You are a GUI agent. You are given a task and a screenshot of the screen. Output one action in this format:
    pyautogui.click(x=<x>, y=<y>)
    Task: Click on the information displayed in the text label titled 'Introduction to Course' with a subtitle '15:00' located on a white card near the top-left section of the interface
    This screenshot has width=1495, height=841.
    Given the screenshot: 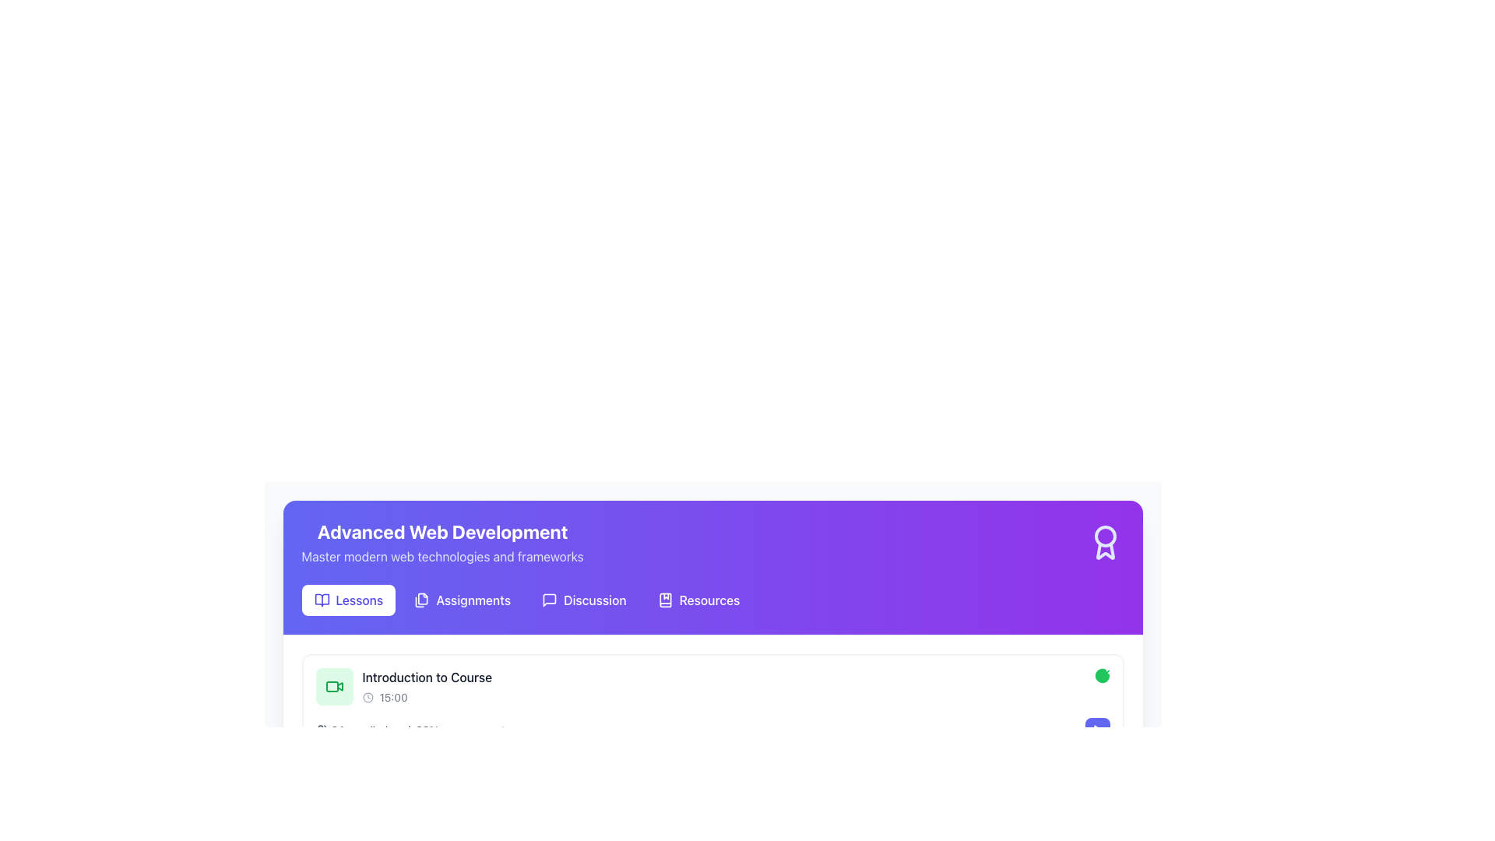 What is the action you would take?
    pyautogui.click(x=427, y=686)
    